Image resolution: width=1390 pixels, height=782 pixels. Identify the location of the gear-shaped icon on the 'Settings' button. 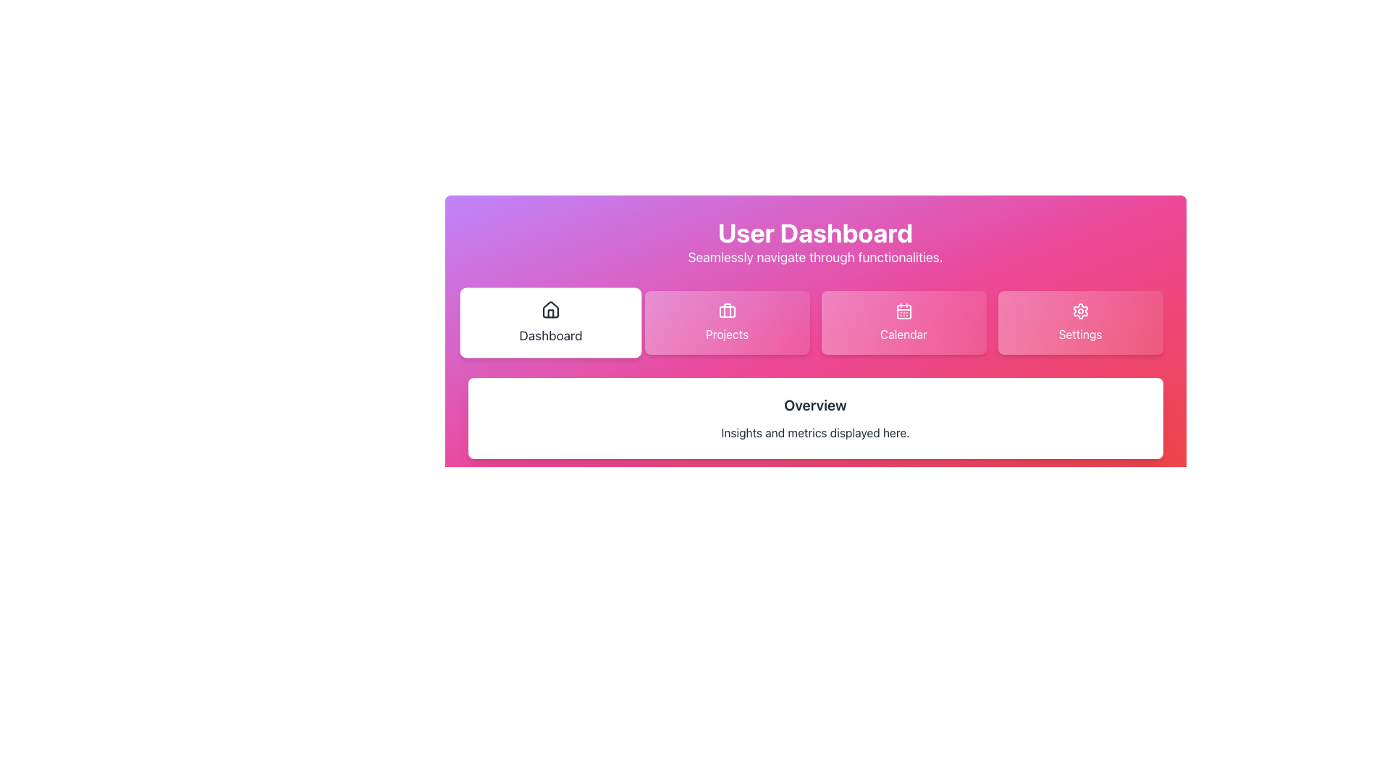
(1080, 310).